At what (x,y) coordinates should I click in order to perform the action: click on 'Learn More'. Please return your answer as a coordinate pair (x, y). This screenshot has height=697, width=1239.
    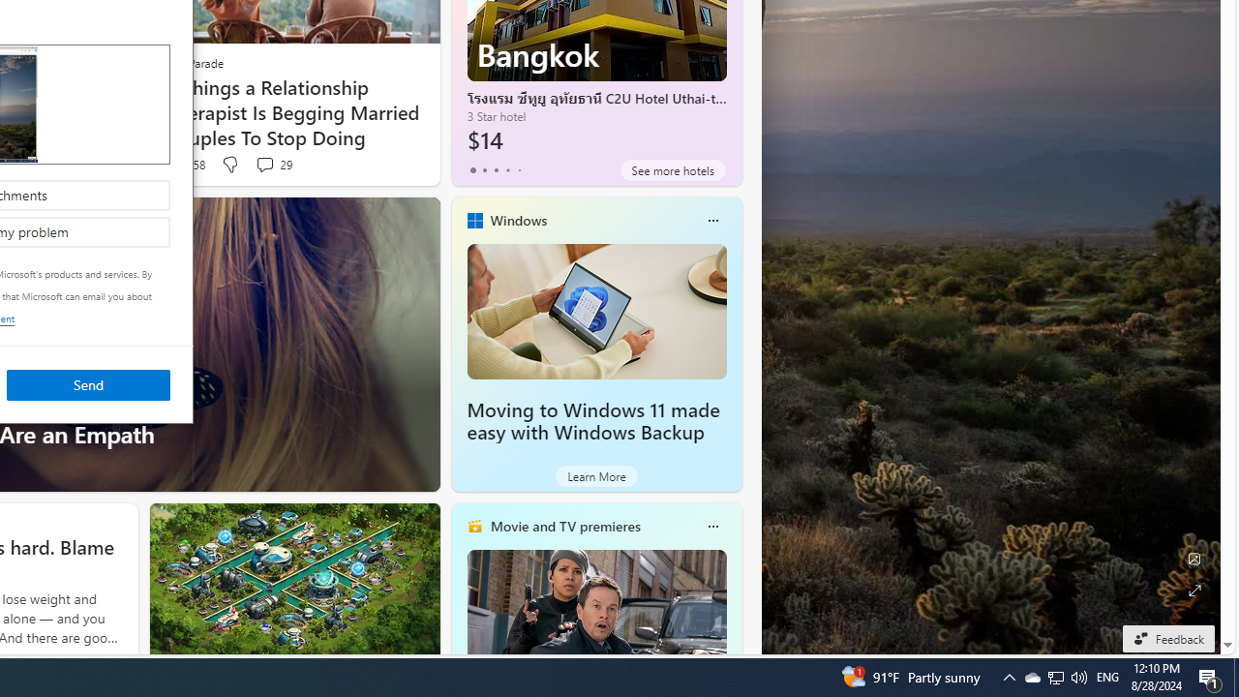
    Looking at the image, I should click on (595, 476).